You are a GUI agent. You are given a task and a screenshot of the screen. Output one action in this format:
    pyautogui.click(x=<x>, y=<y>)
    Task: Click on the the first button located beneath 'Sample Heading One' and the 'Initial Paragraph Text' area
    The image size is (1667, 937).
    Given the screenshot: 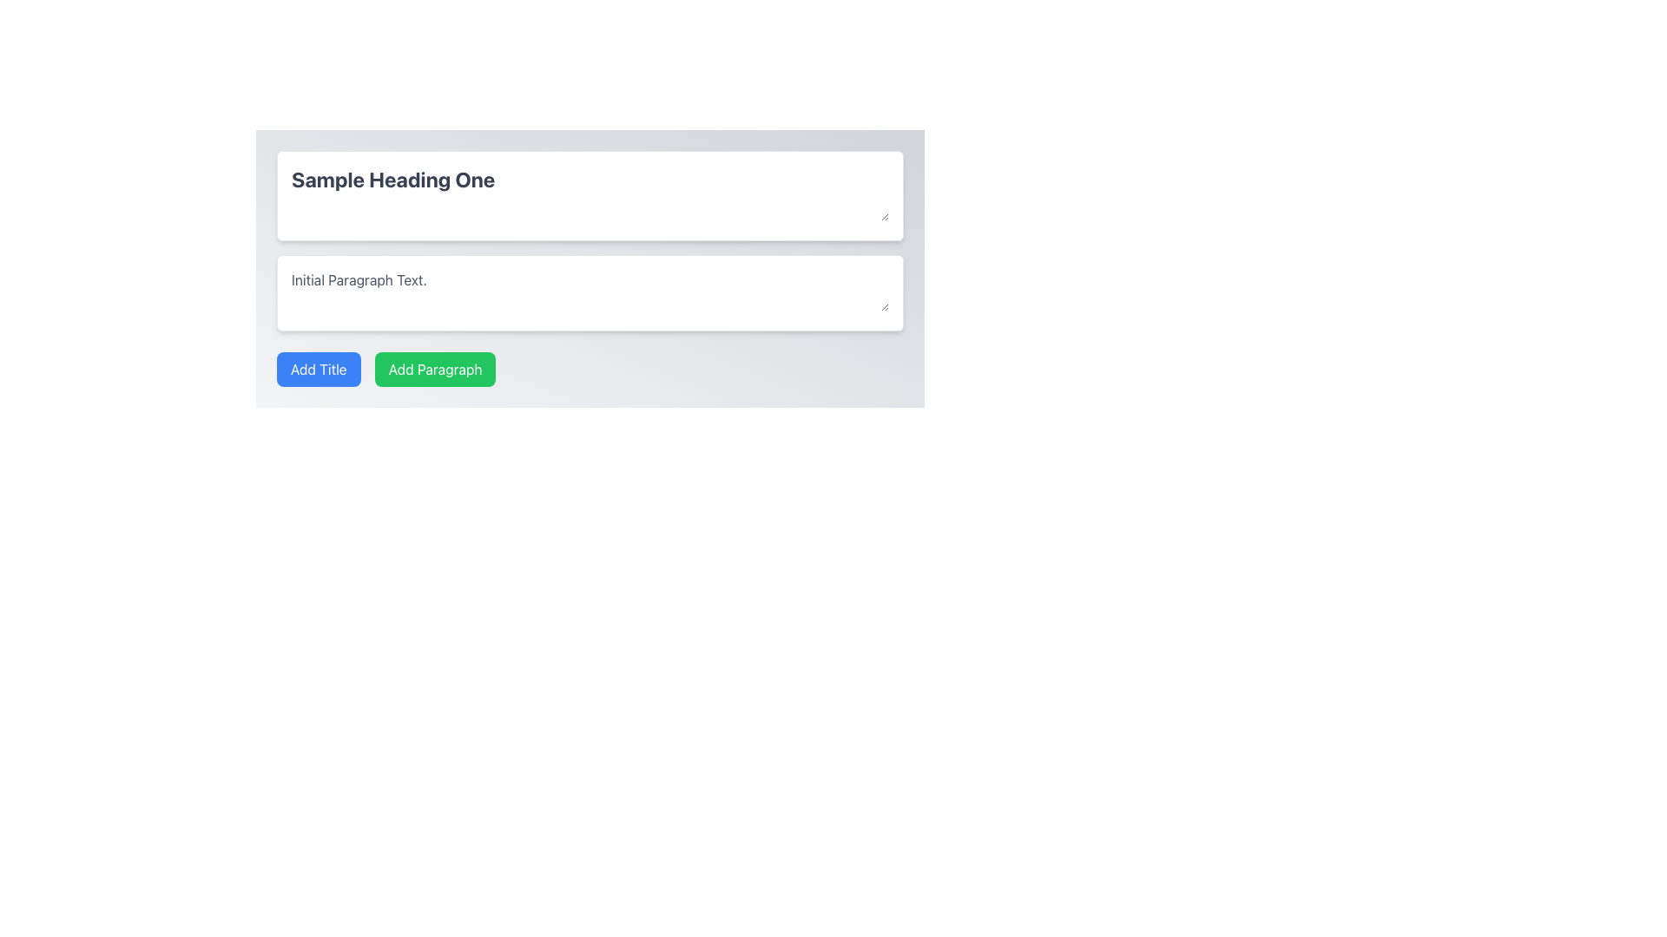 What is the action you would take?
    pyautogui.click(x=319, y=368)
    